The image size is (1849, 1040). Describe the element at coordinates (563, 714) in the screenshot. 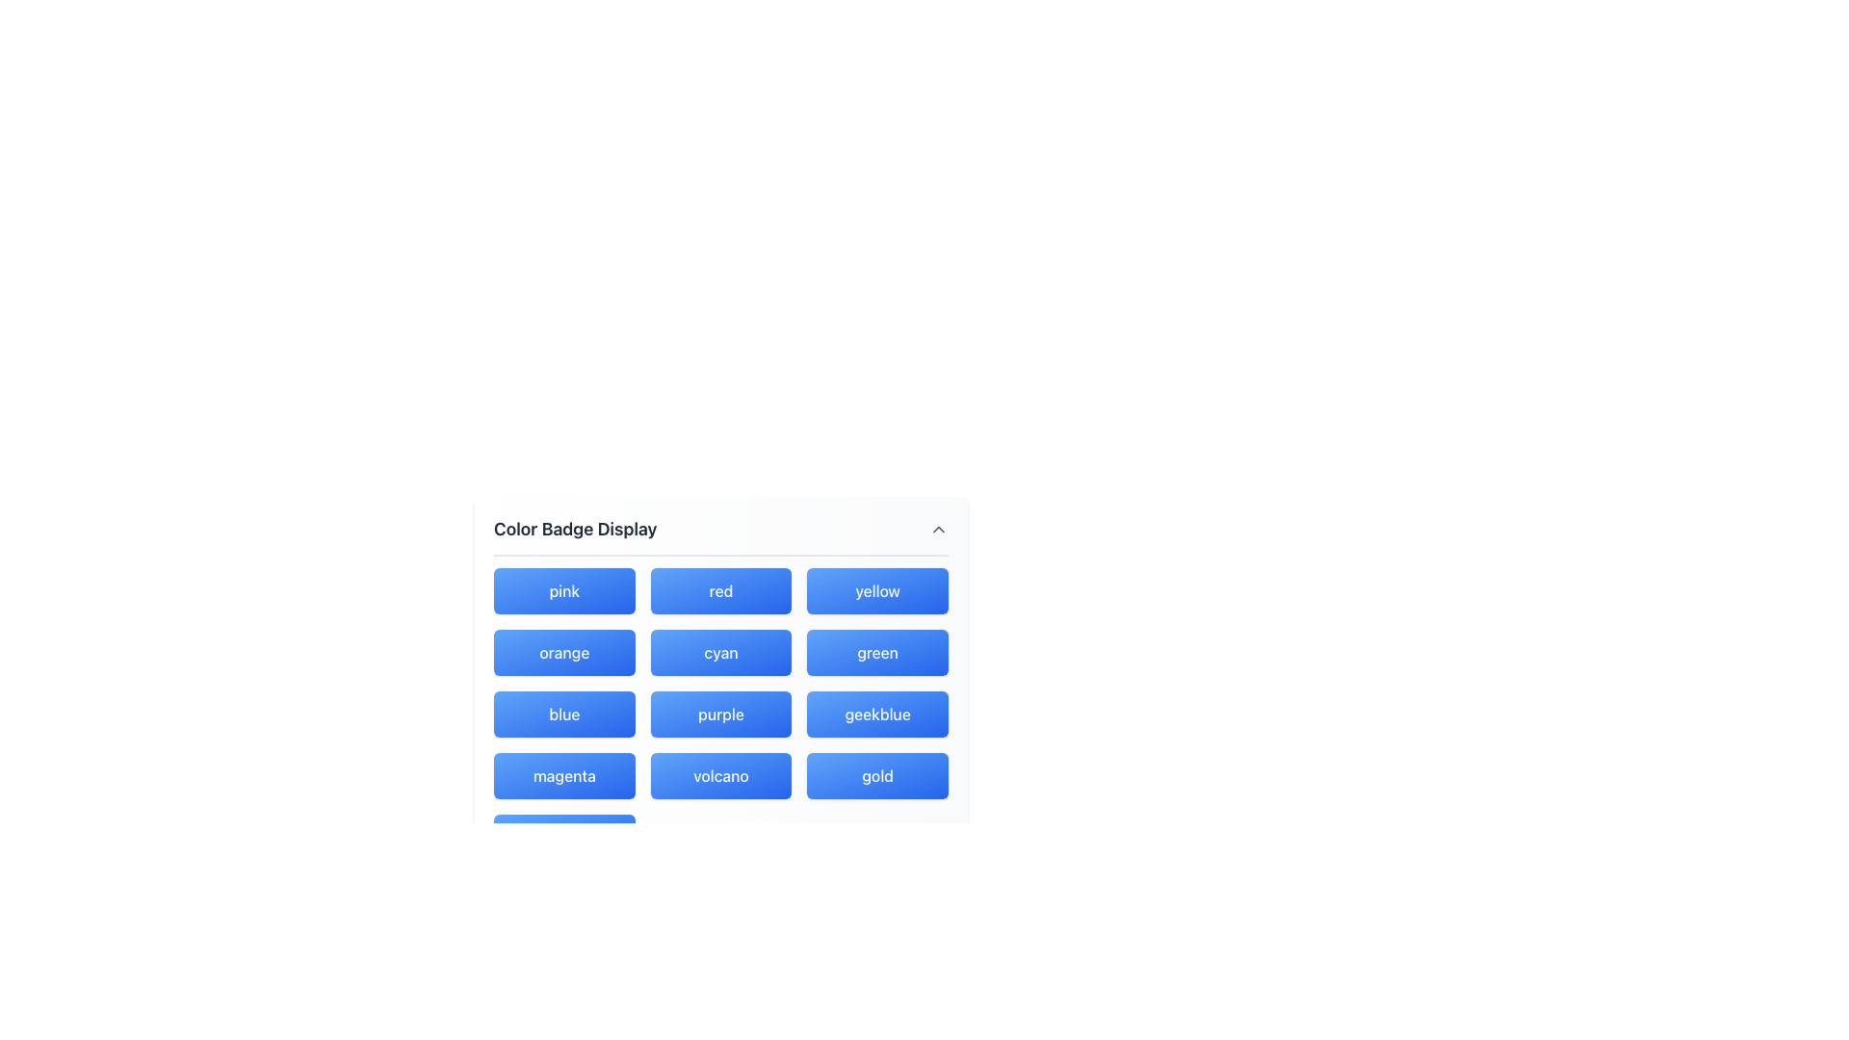

I see `the blue color badge button located in the third row, first column of the grid layout` at that location.